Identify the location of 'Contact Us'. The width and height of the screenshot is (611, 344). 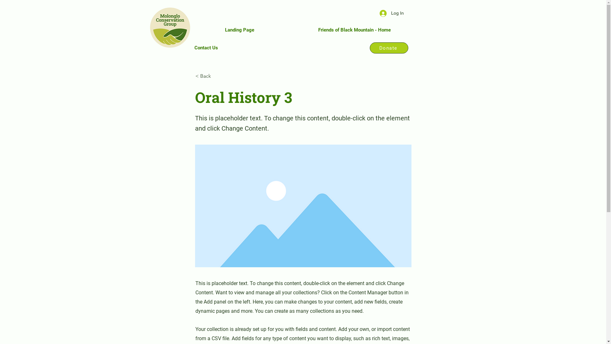
(206, 47).